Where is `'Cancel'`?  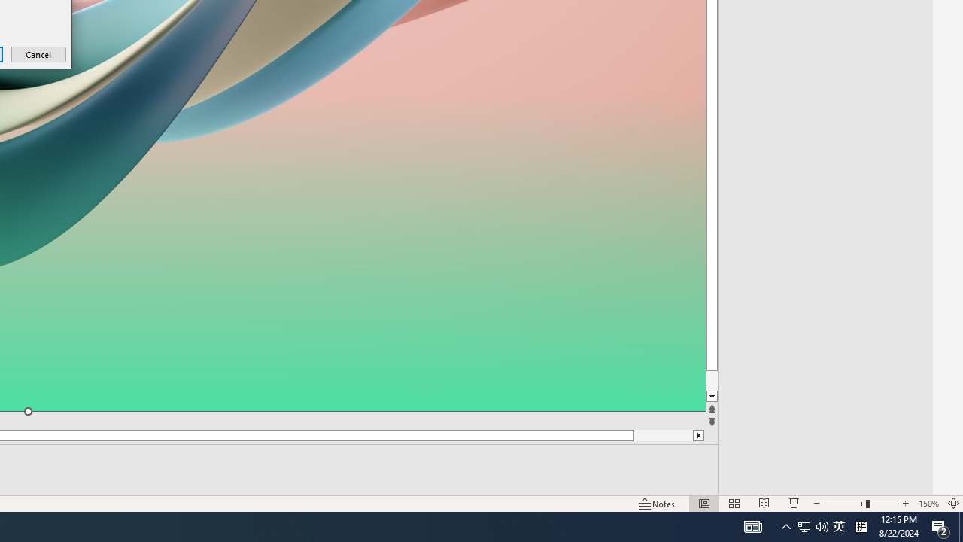
'Cancel' is located at coordinates (38, 53).